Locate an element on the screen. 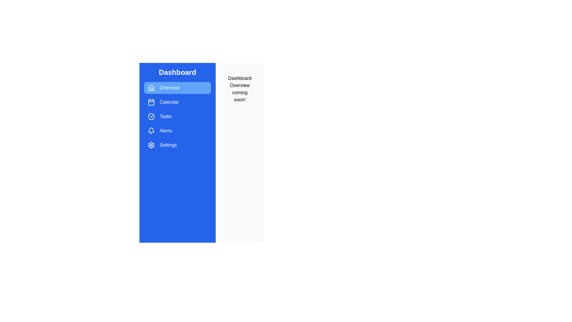 The width and height of the screenshot is (572, 322). the calendar icon located in the left sidebar menu, positioned second from the top under the 'Dashboard' section is located at coordinates (151, 102).